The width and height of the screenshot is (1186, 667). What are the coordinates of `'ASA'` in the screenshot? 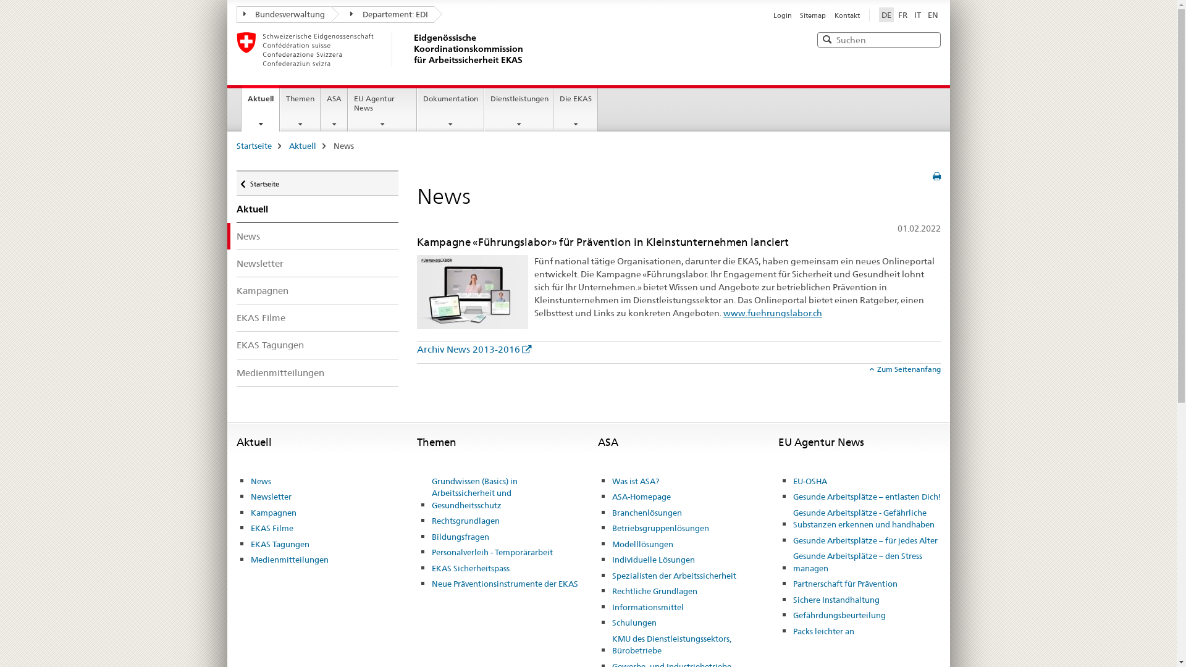 It's located at (334, 109).